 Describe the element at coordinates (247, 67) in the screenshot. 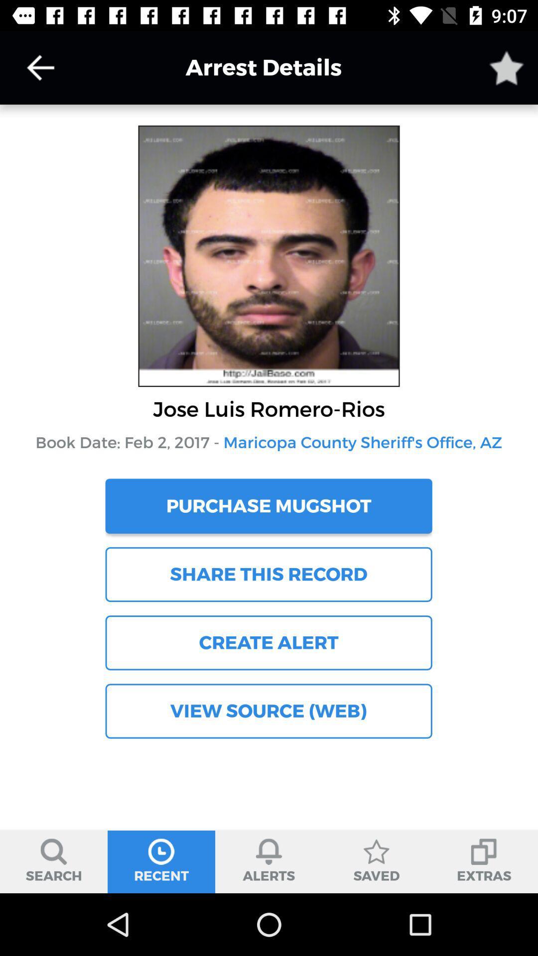

I see `arrest details item` at that location.